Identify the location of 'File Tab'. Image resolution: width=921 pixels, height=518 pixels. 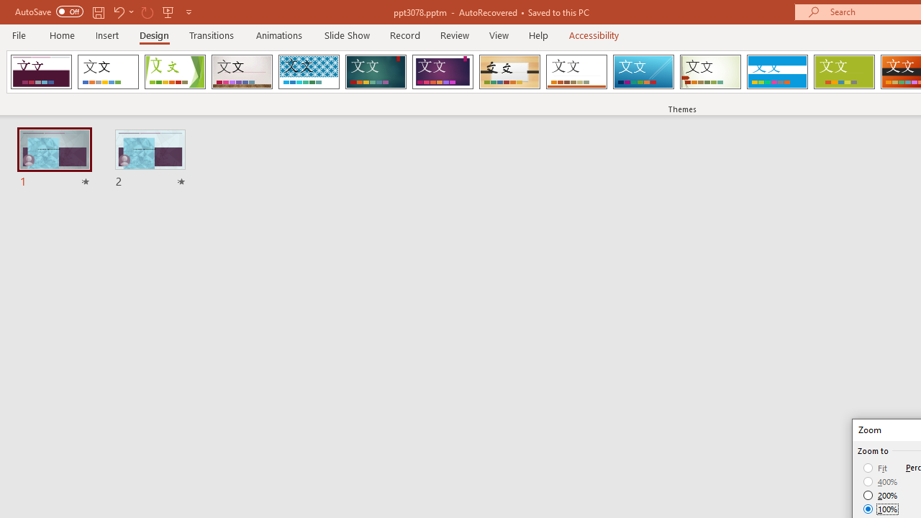
(19, 34).